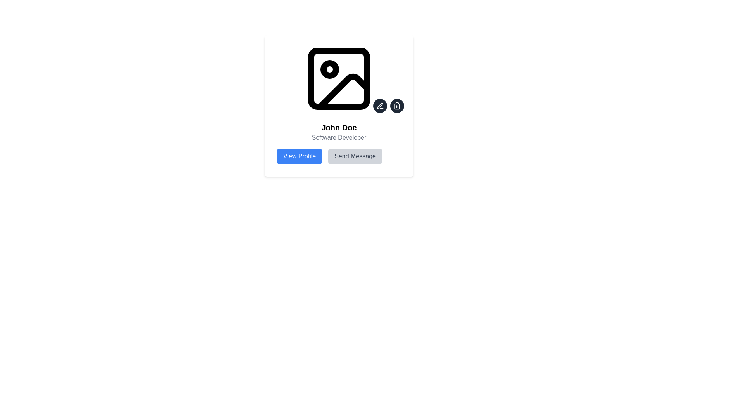 Image resolution: width=744 pixels, height=419 pixels. I want to click on the trash can-shaped icon button, which is a small, minimalist design located in a circular button with a dark gray background, positioned towards the top right of the user profile card, so click(397, 106).